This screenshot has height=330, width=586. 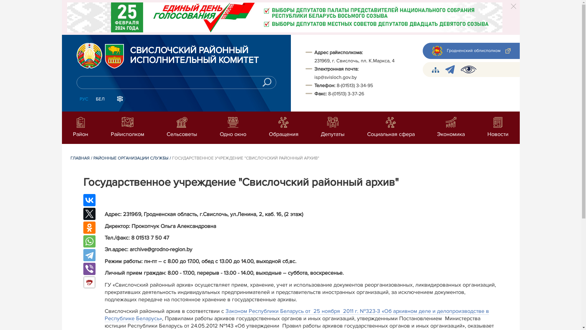 I want to click on 'Twitter', so click(x=89, y=213).